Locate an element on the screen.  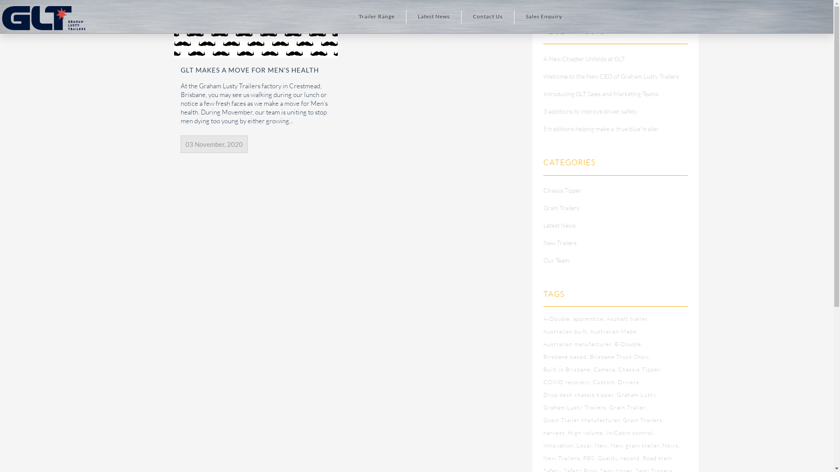
'Brisbane Truck Show' is located at coordinates (619, 357).